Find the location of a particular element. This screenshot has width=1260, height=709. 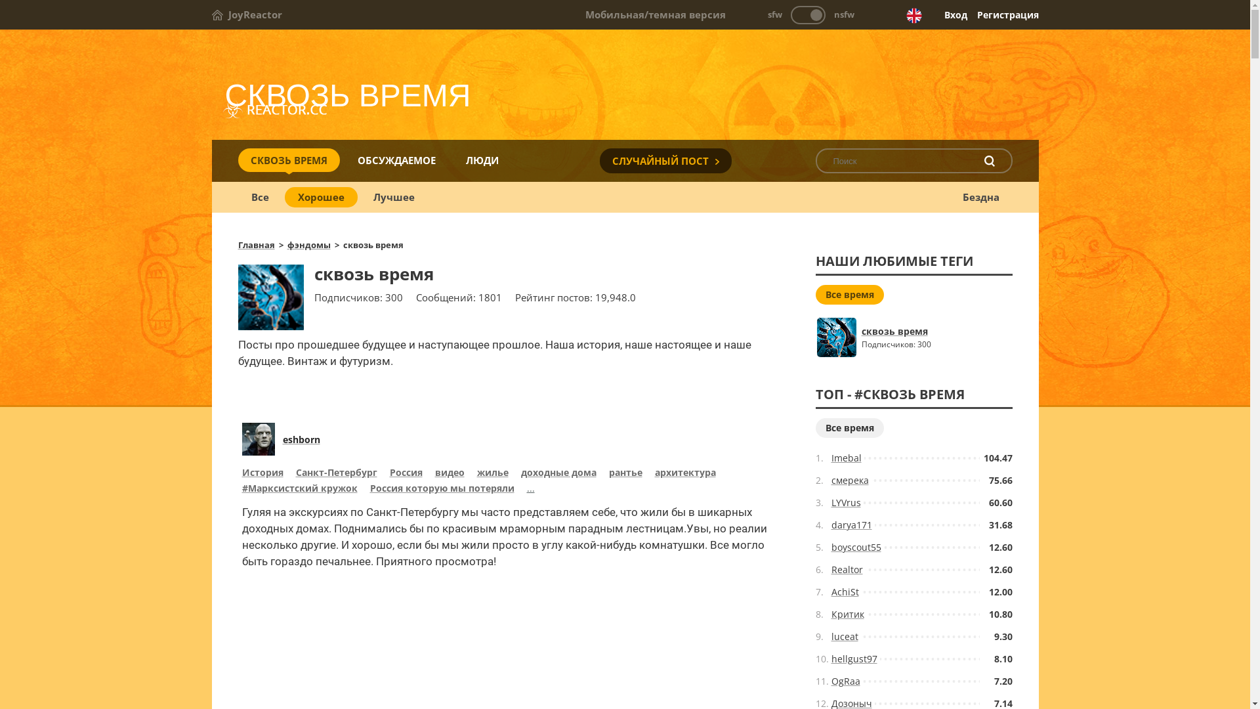

'JoyReactor' is located at coordinates (246, 14).